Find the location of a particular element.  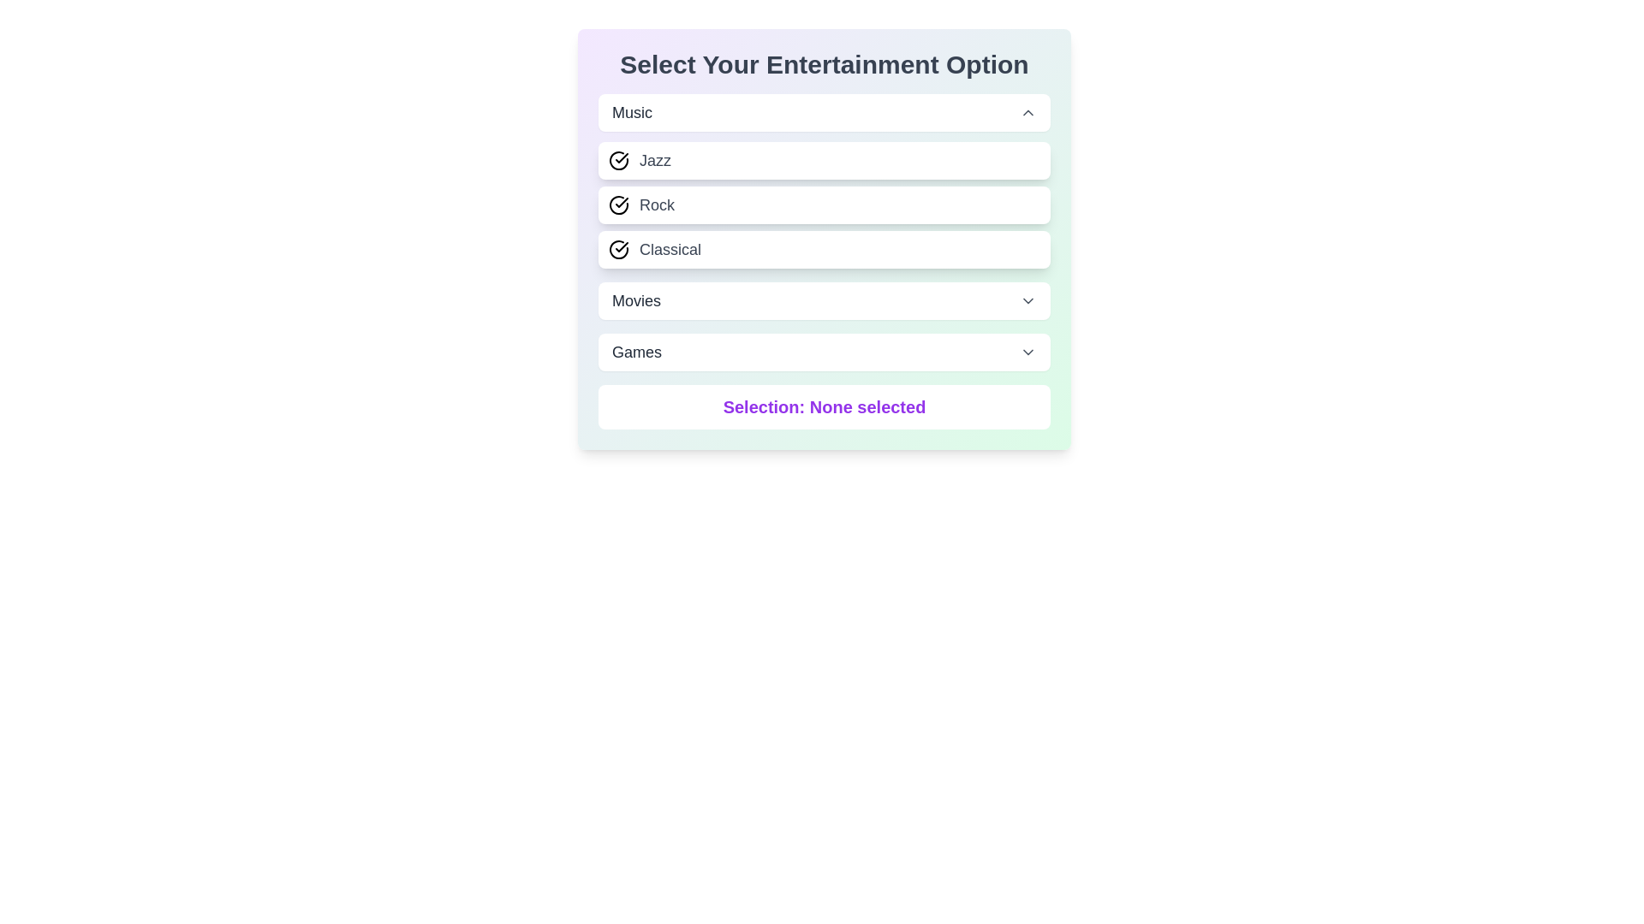

the 'Jazz' text label, which is the second entry in the selection list between 'Music' and 'Rock' within the 'Select Your Entertainment Option' card is located at coordinates (654, 161).